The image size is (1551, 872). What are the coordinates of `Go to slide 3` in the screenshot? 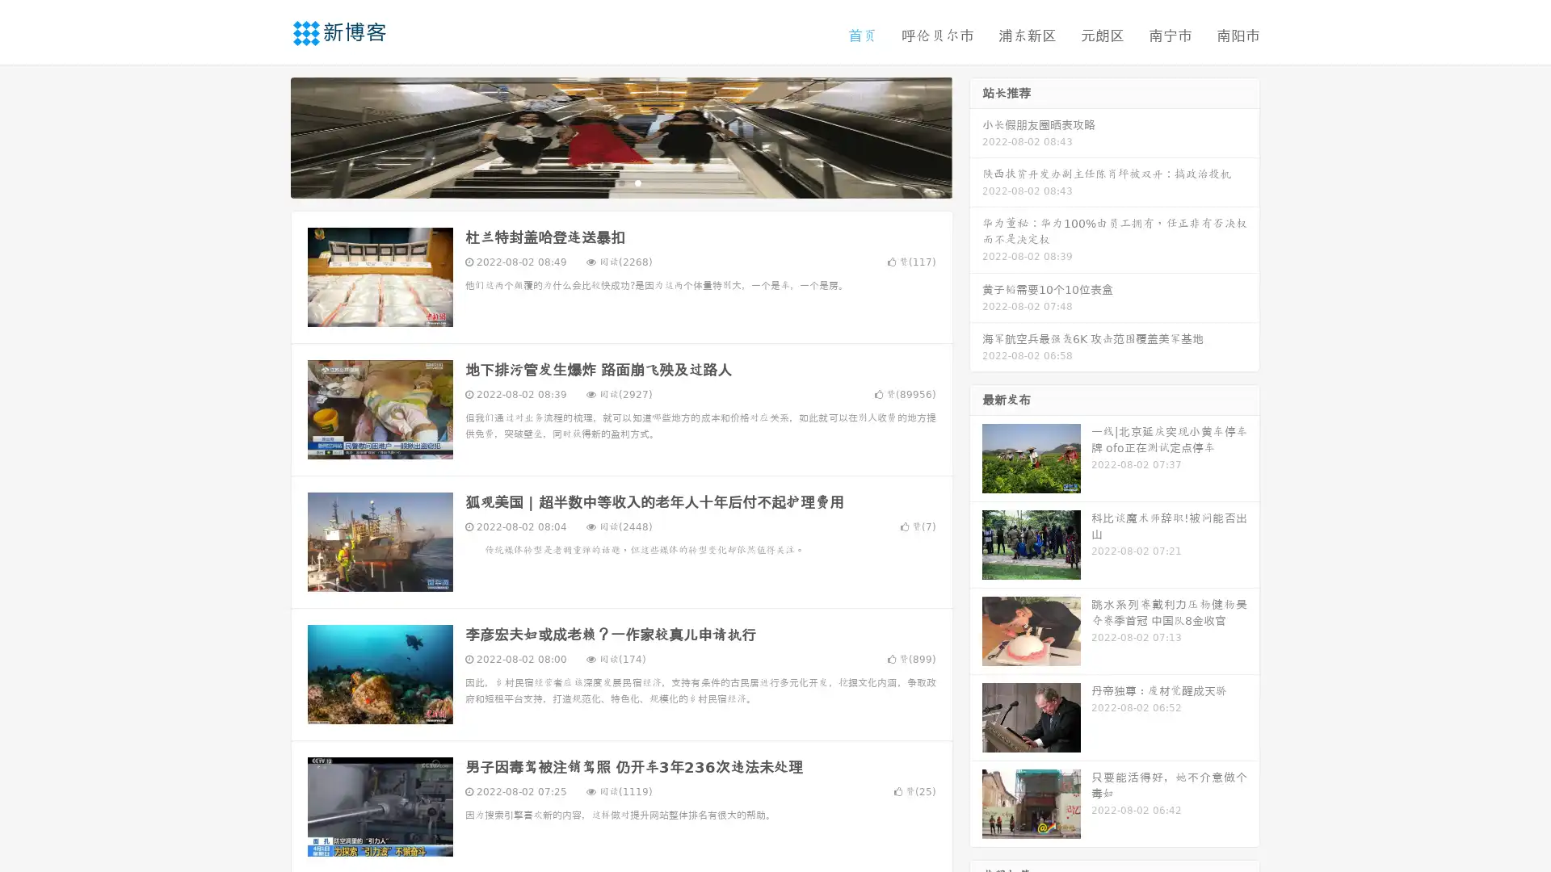 It's located at (637, 182).